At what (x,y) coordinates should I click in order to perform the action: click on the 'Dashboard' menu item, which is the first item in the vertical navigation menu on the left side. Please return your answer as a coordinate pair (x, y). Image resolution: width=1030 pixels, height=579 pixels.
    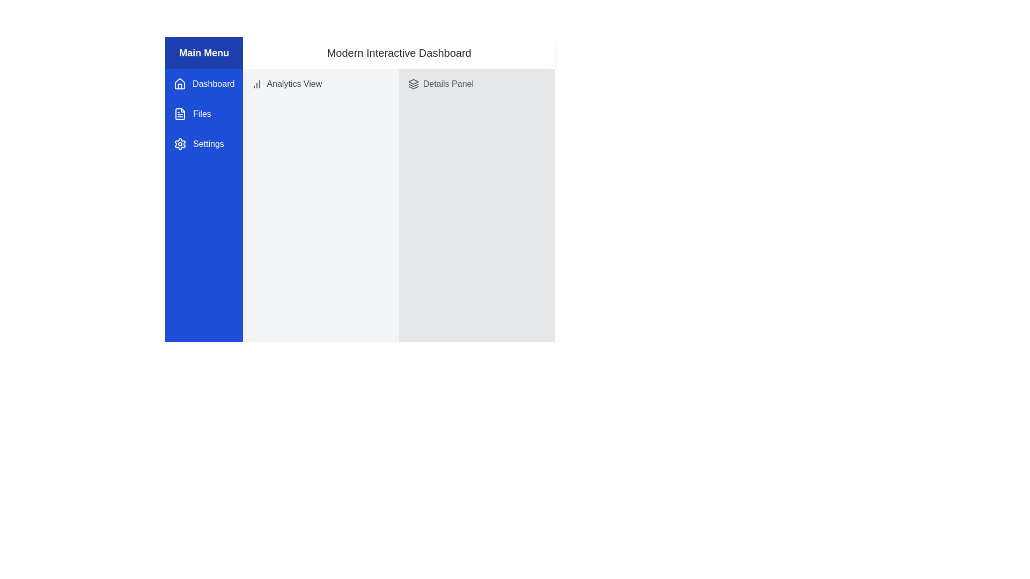
    Looking at the image, I should click on (204, 84).